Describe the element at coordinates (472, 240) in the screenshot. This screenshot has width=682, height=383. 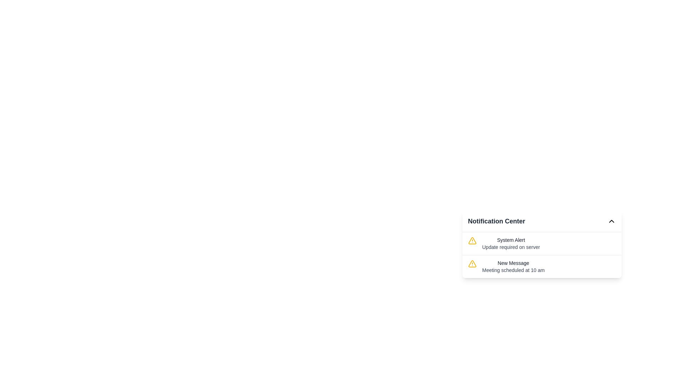
I see `the warning icon at the start of the 'System Alert' notification item, which indicates an alert about 'Update required on server.'` at that location.